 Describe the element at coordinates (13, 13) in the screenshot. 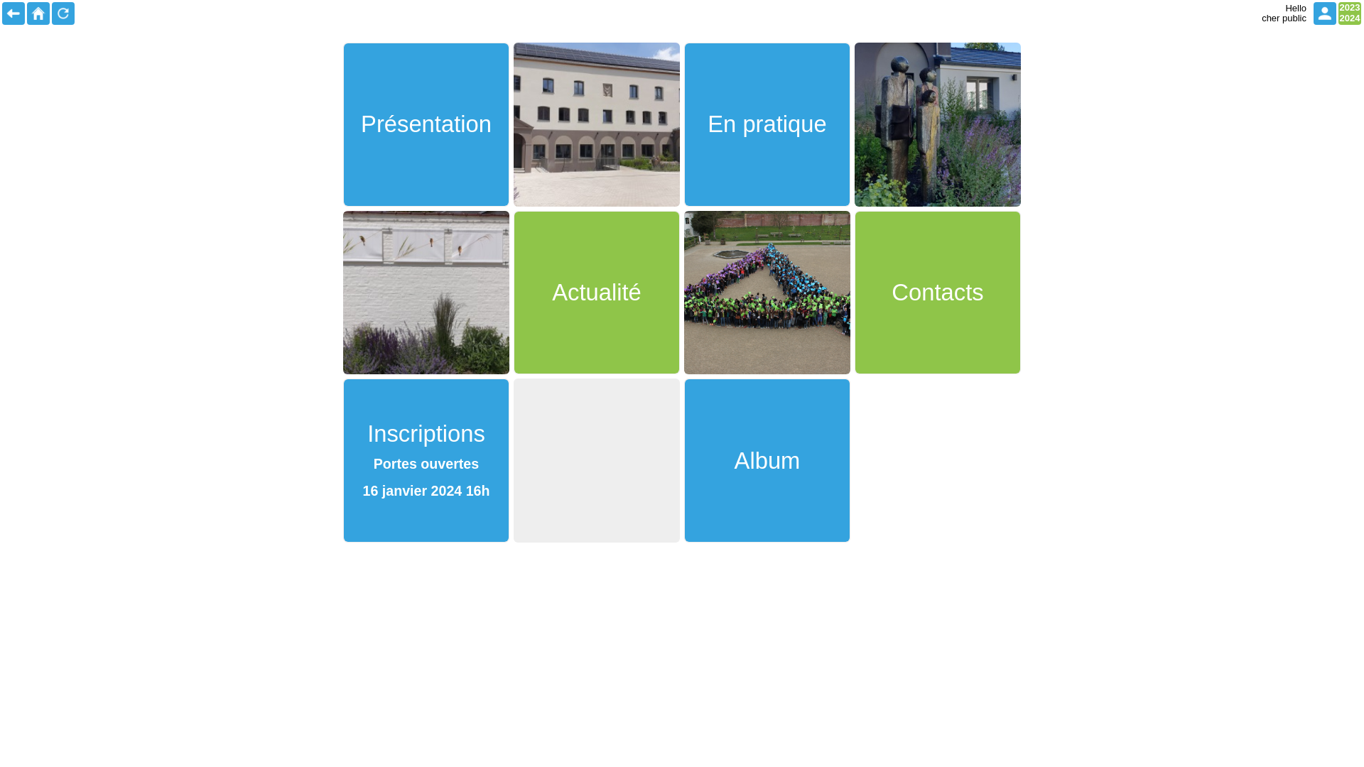

I see `'Revenir sur ses pas'` at that location.